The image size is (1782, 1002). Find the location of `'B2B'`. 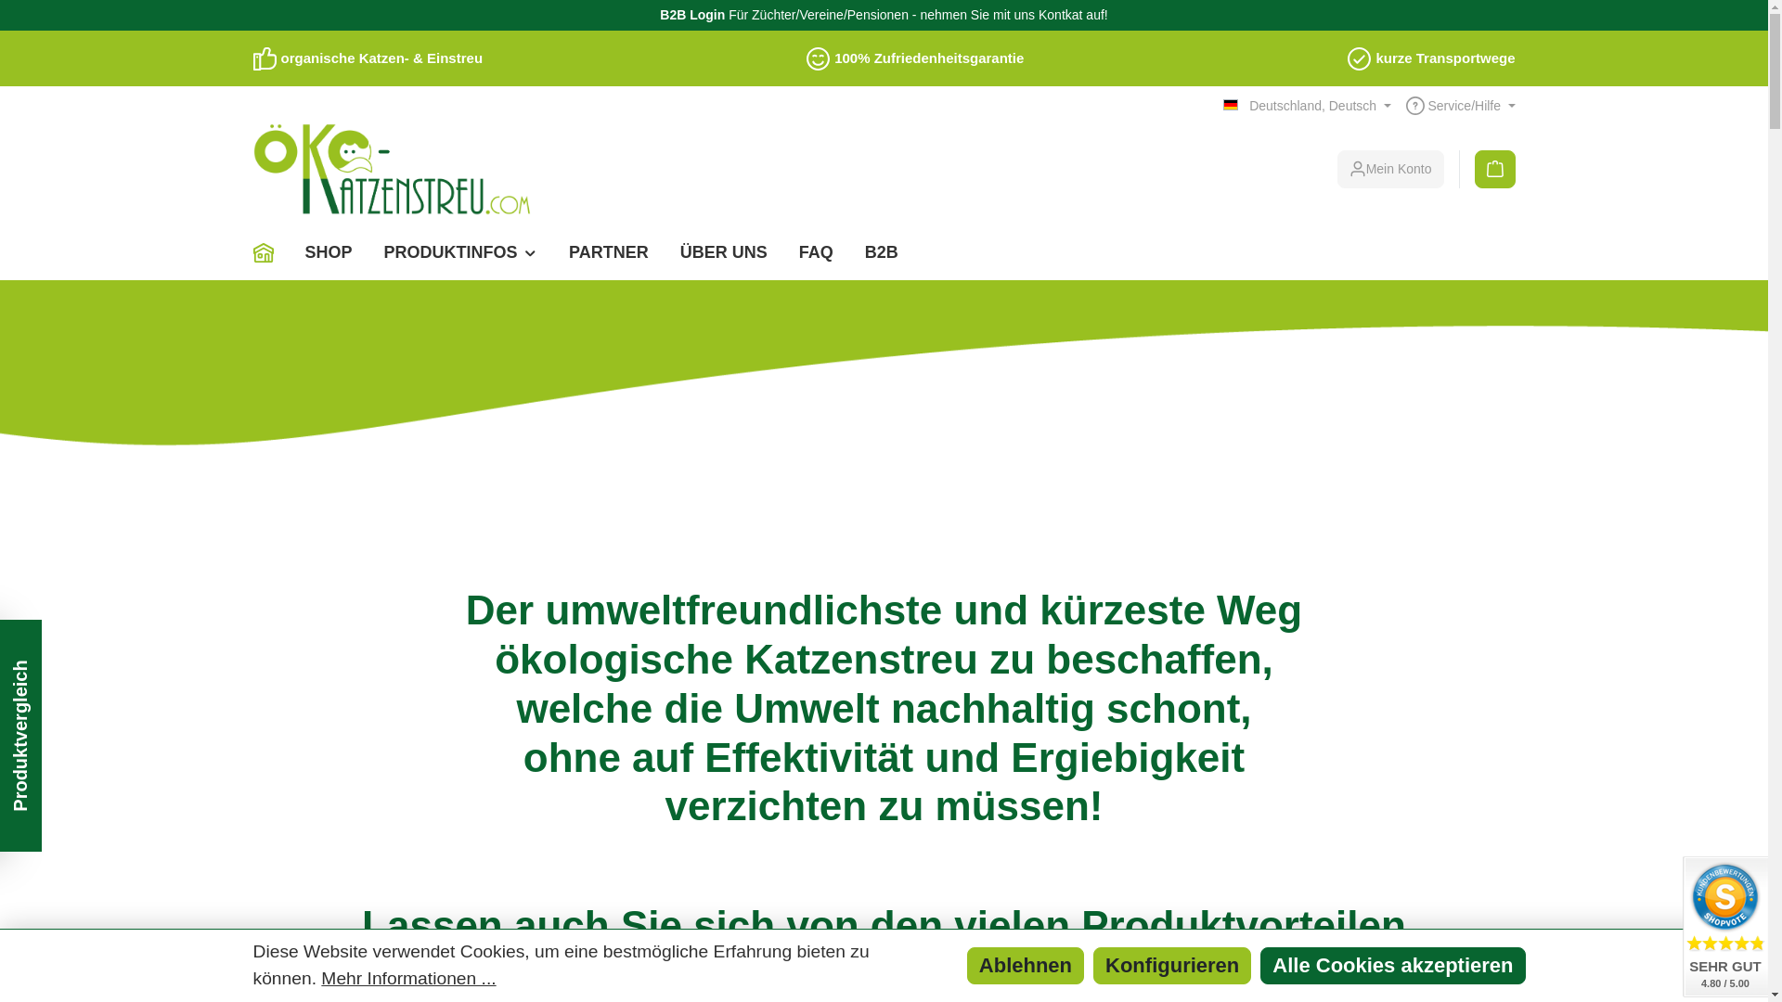

'B2B' is located at coordinates (881, 252).